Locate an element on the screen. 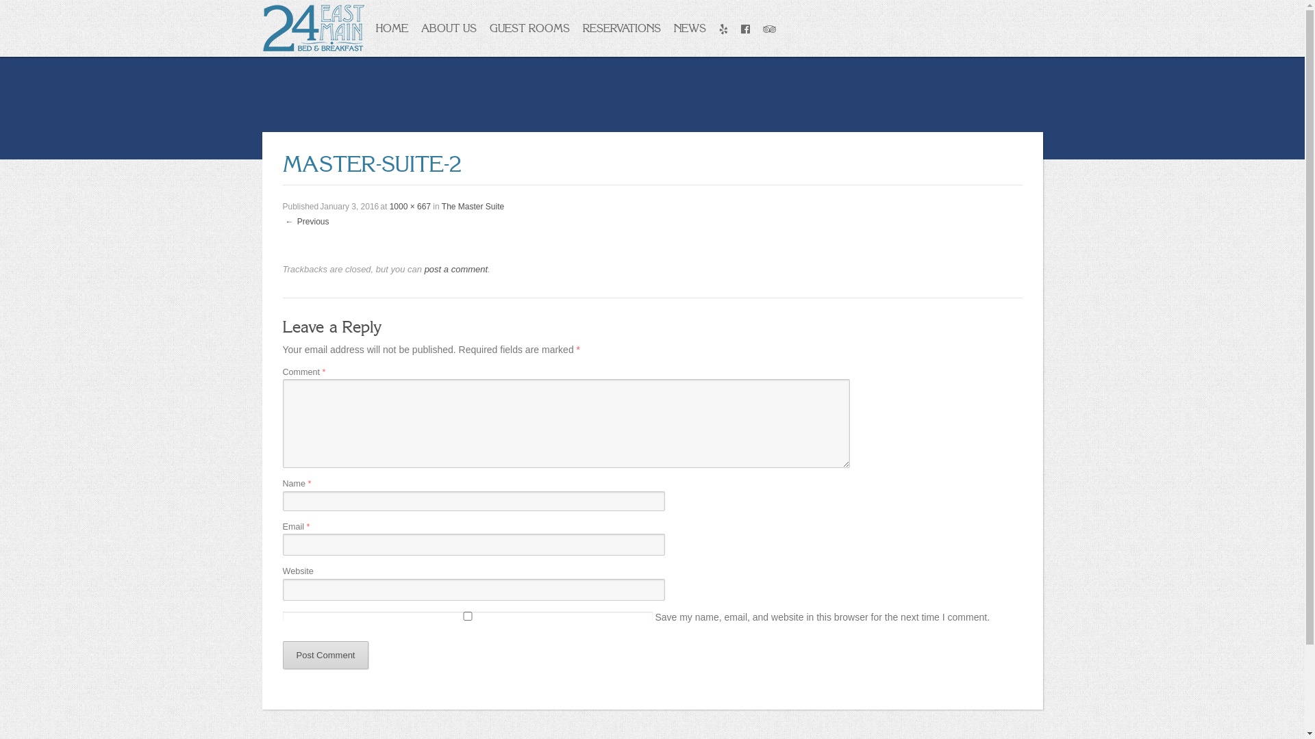 This screenshot has height=739, width=1315. 'post a comment' is located at coordinates (423, 269).